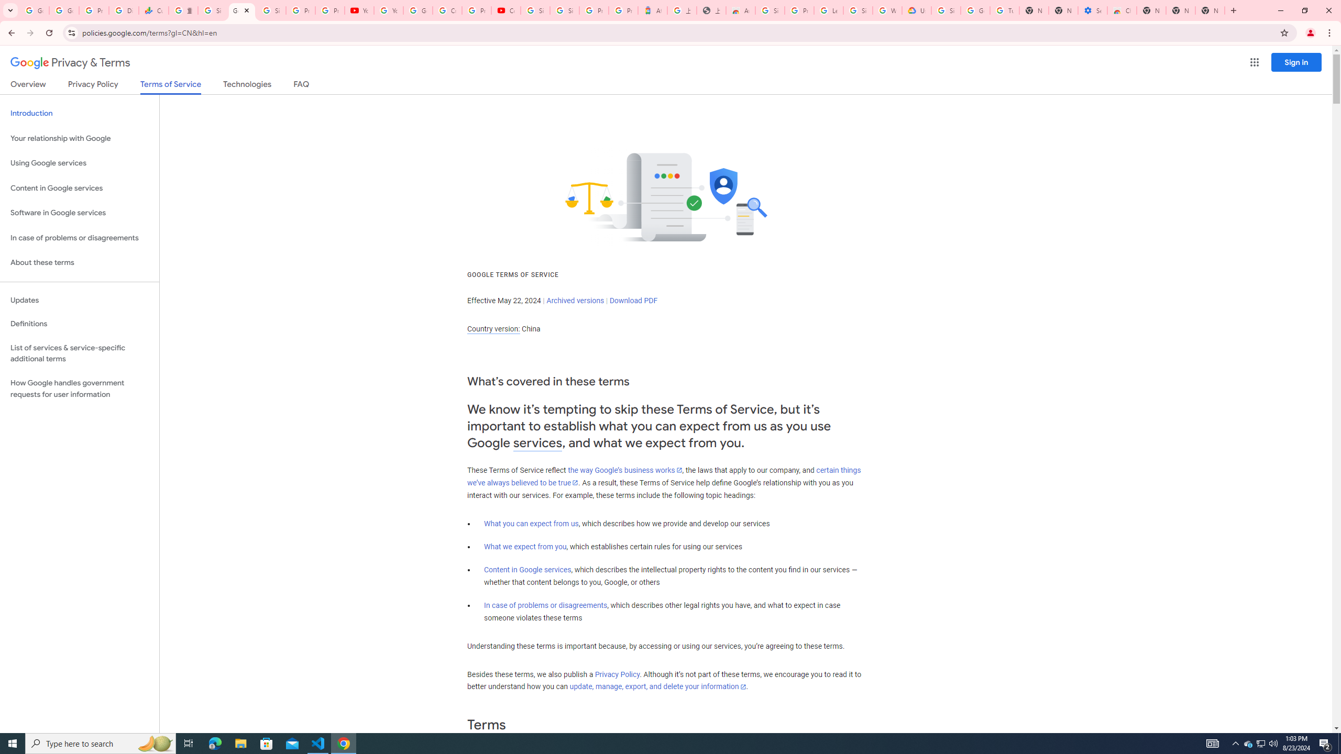  Describe the element at coordinates (79, 138) in the screenshot. I see `'Your relationship with Google'` at that location.